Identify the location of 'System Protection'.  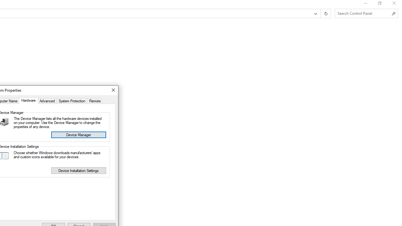
(72, 100).